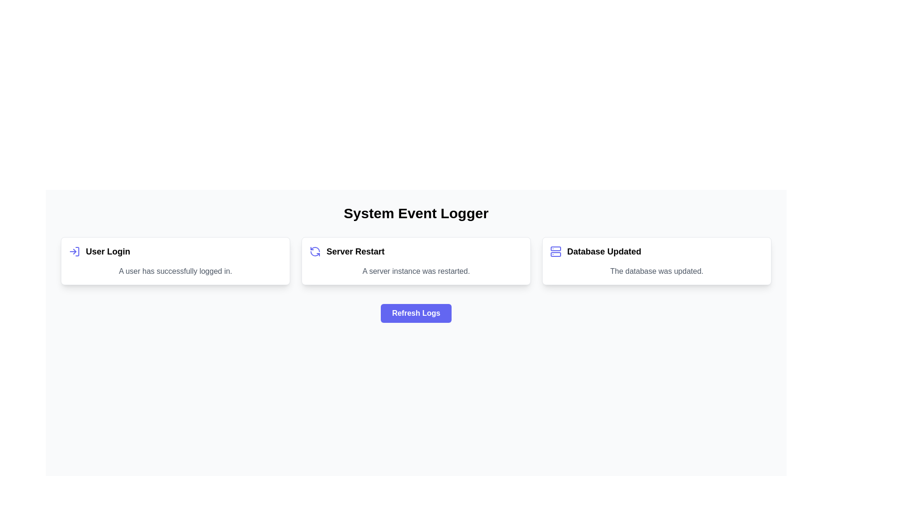  Describe the element at coordinates (555, 254) in the screenshot. I see `the lower rectangular component of the server icon in the 'Database Updated' section, which visually represents a server` at that location.